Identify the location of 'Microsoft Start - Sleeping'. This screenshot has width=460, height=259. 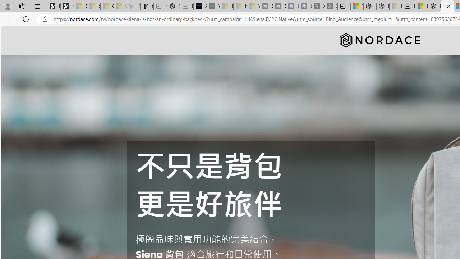
(240, 6).